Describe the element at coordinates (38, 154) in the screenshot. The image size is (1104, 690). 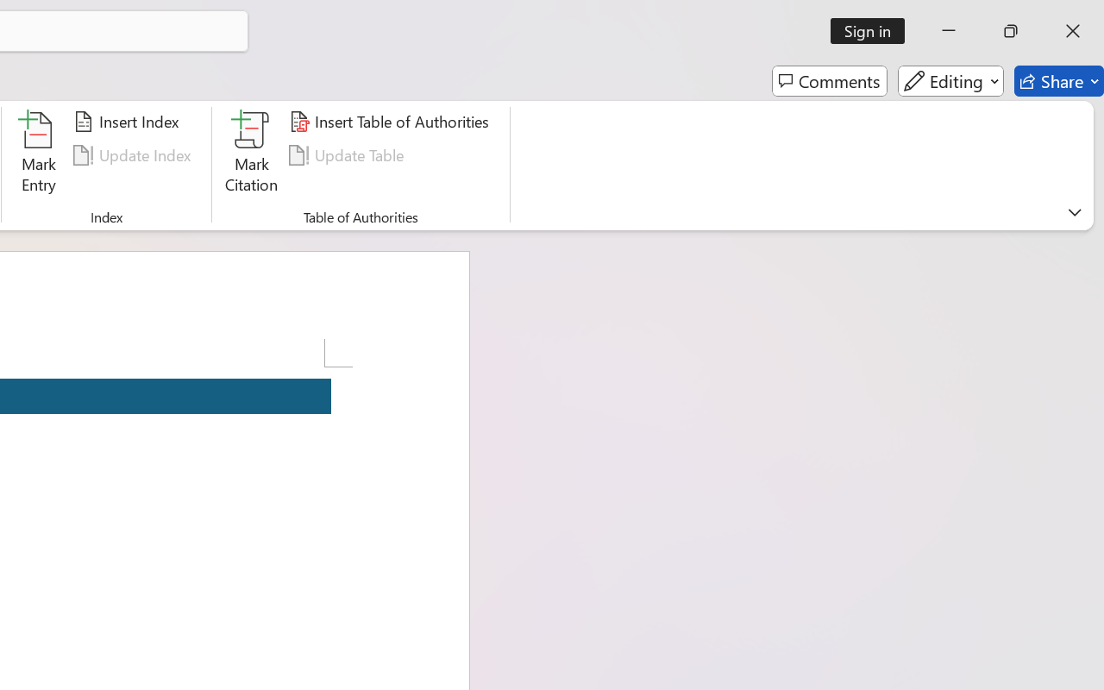
I see `'Mark Entry...'` at that location.